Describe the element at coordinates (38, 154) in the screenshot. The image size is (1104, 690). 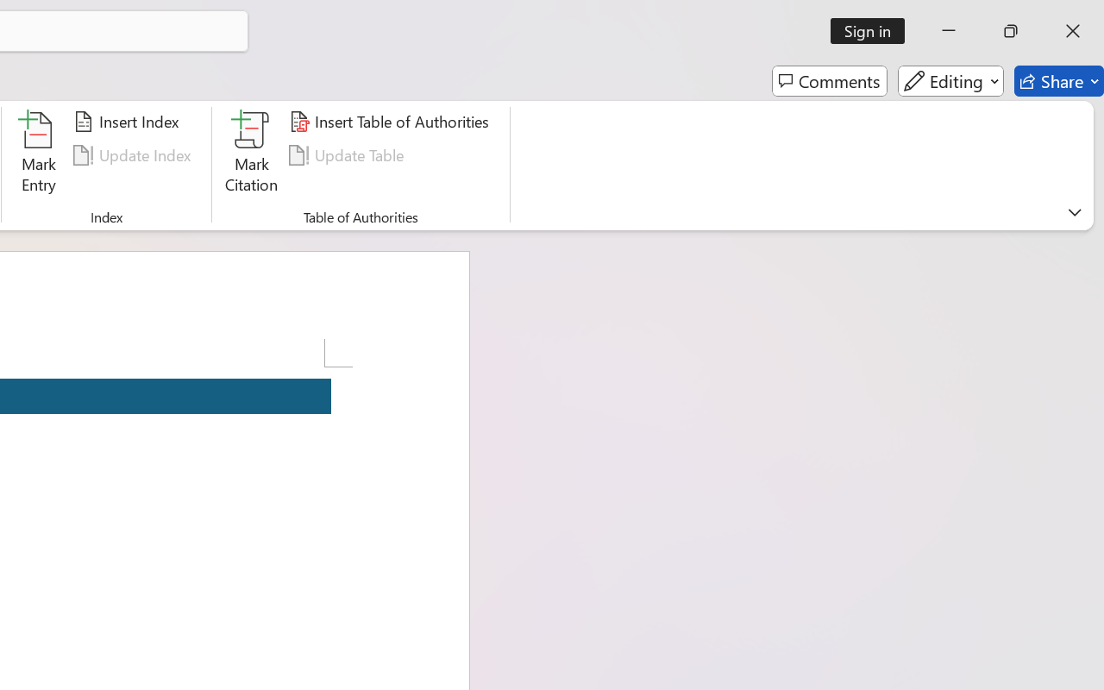
I see `'Mark Entry...'` at that location.